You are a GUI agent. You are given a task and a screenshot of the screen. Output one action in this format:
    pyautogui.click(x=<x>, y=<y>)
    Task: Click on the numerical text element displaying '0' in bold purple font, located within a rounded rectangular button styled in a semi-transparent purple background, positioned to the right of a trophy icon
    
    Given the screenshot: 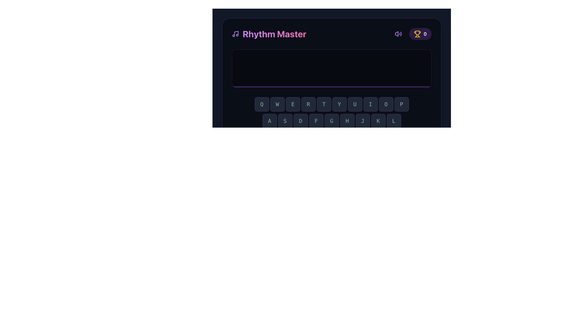 What is the action you would take?
    pyautogui.click(x=425, y=34)
    